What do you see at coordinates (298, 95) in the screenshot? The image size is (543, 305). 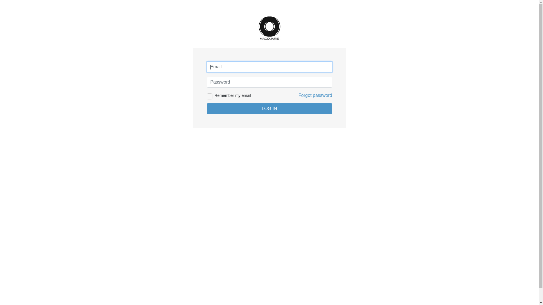 I see `'Forgot password'` at bounding box center [298, 95].